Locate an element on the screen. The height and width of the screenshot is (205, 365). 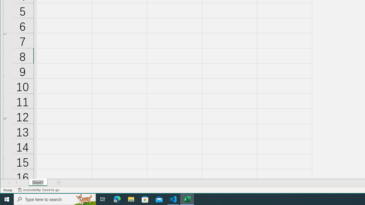
'Search highlights icon opens search home window' is located at coordinates (84, 199).